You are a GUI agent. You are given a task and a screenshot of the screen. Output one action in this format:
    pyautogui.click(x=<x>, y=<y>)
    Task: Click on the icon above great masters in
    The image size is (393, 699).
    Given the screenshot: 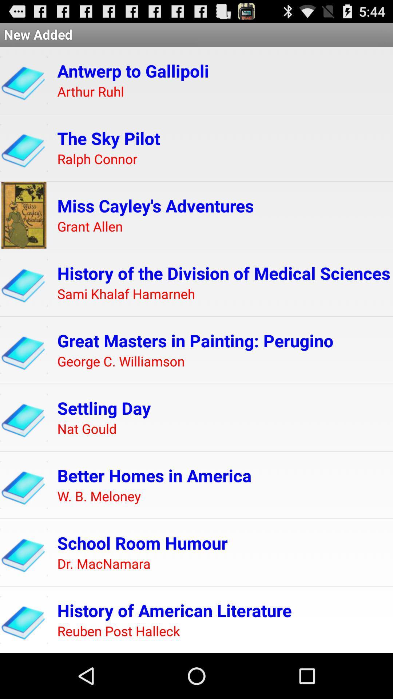 What is the action you would take?
    pyautogui.click(x=126, y=294)
    